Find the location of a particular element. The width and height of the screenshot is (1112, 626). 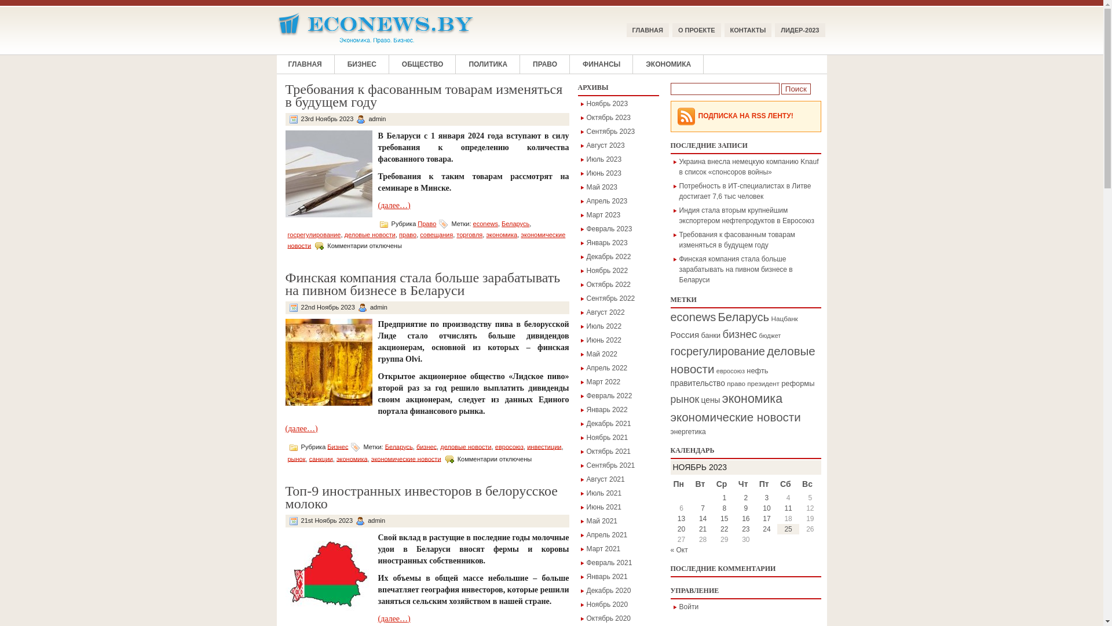

'8' is located at coordinates (723, 507).